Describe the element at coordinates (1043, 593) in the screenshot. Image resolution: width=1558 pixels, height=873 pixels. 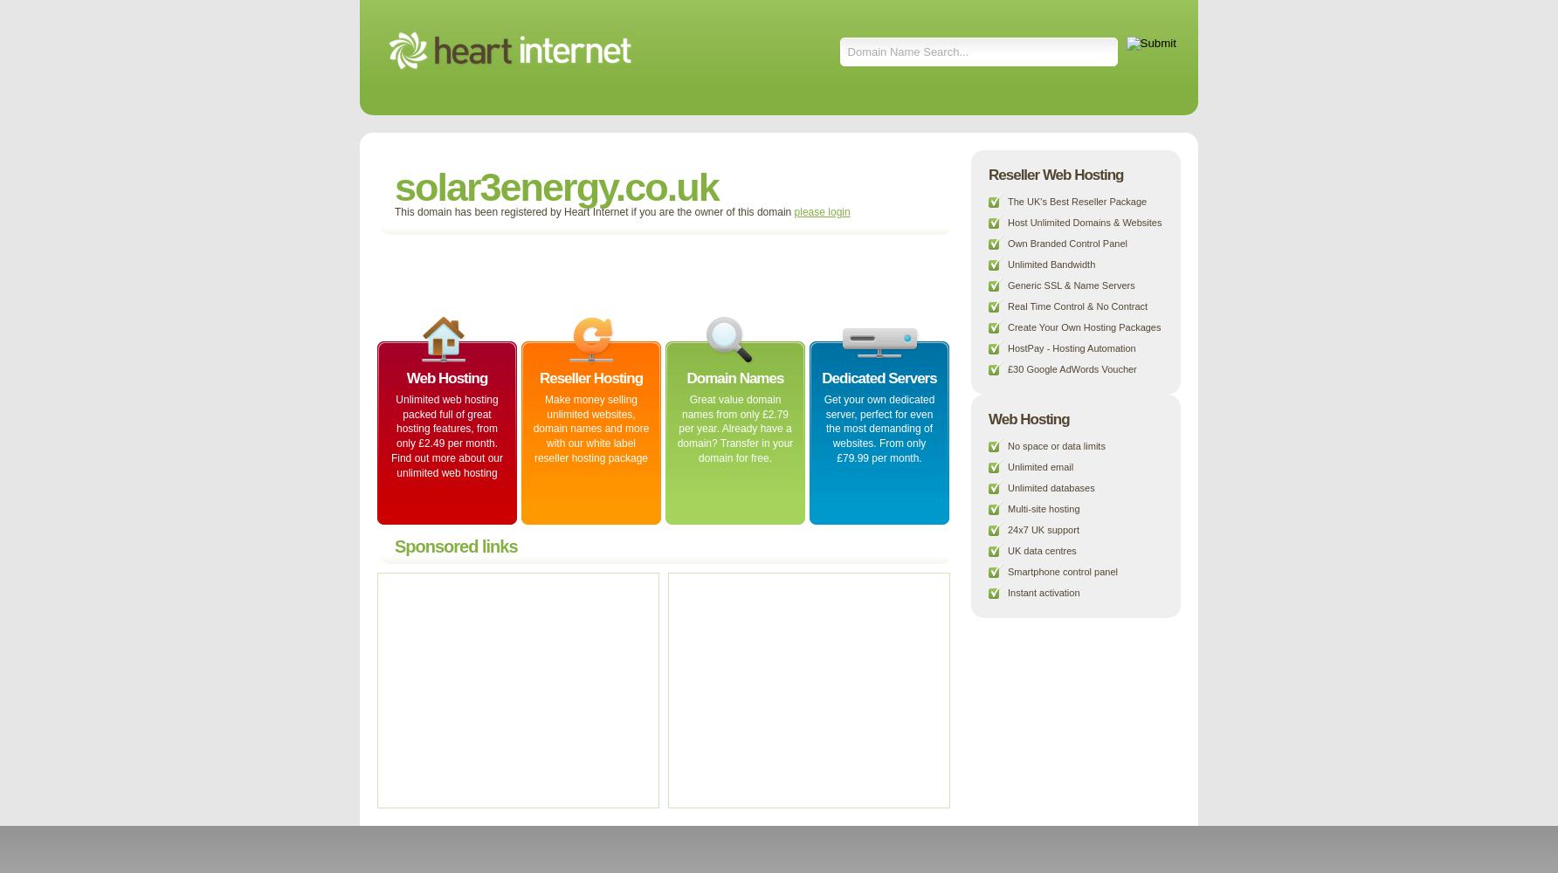
I see `'Instant activation'` at that location.